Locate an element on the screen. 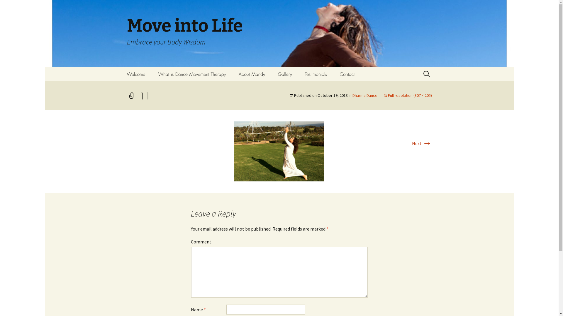  '11' is located at coordinates (234, 150).